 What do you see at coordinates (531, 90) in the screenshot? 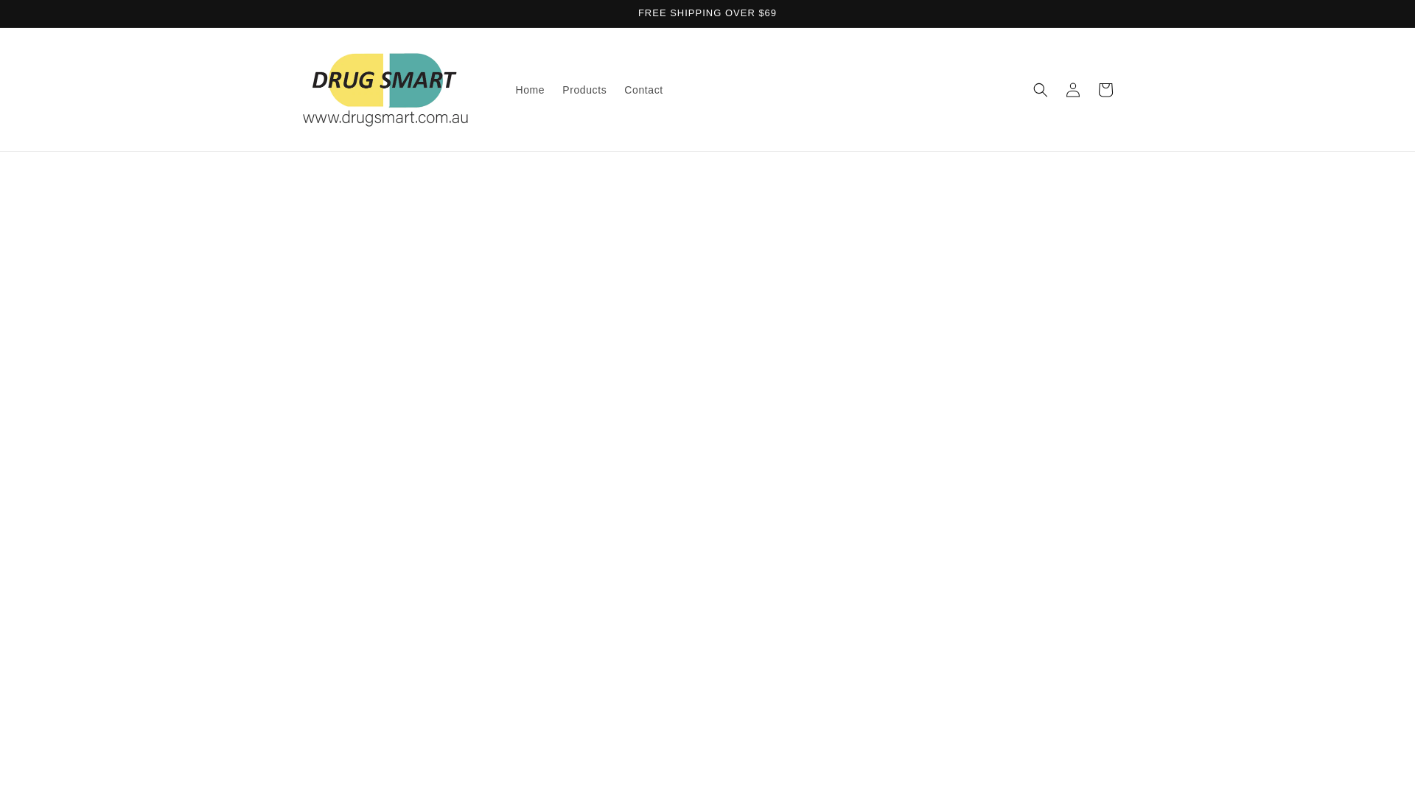
I see `'Home'` at bounding box center [531, 90].